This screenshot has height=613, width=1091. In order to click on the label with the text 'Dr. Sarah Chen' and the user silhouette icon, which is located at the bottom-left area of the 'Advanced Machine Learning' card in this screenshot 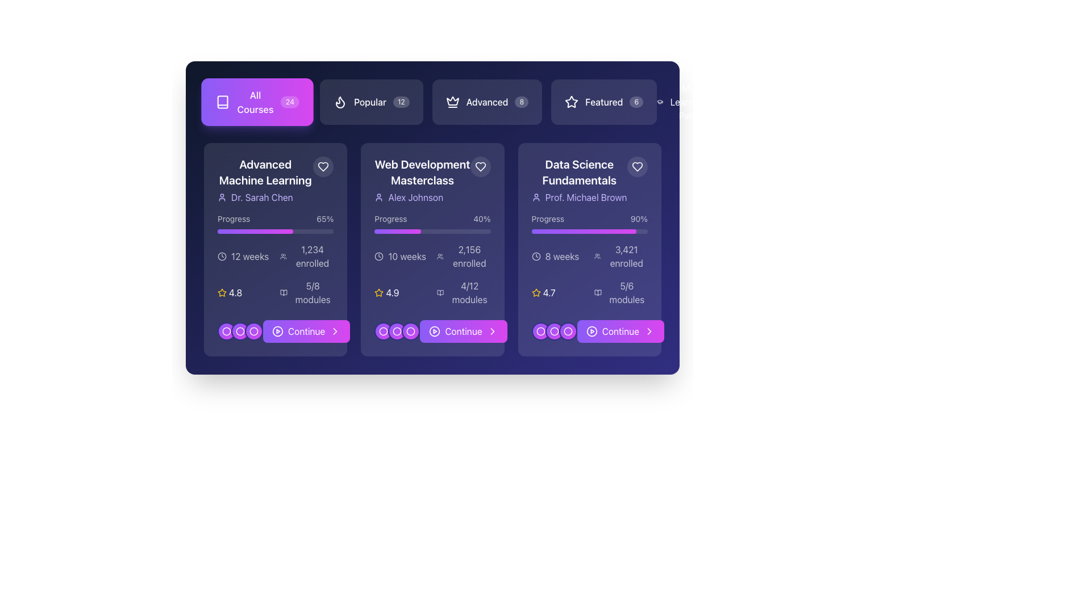, I will do `click(265, 196)`.